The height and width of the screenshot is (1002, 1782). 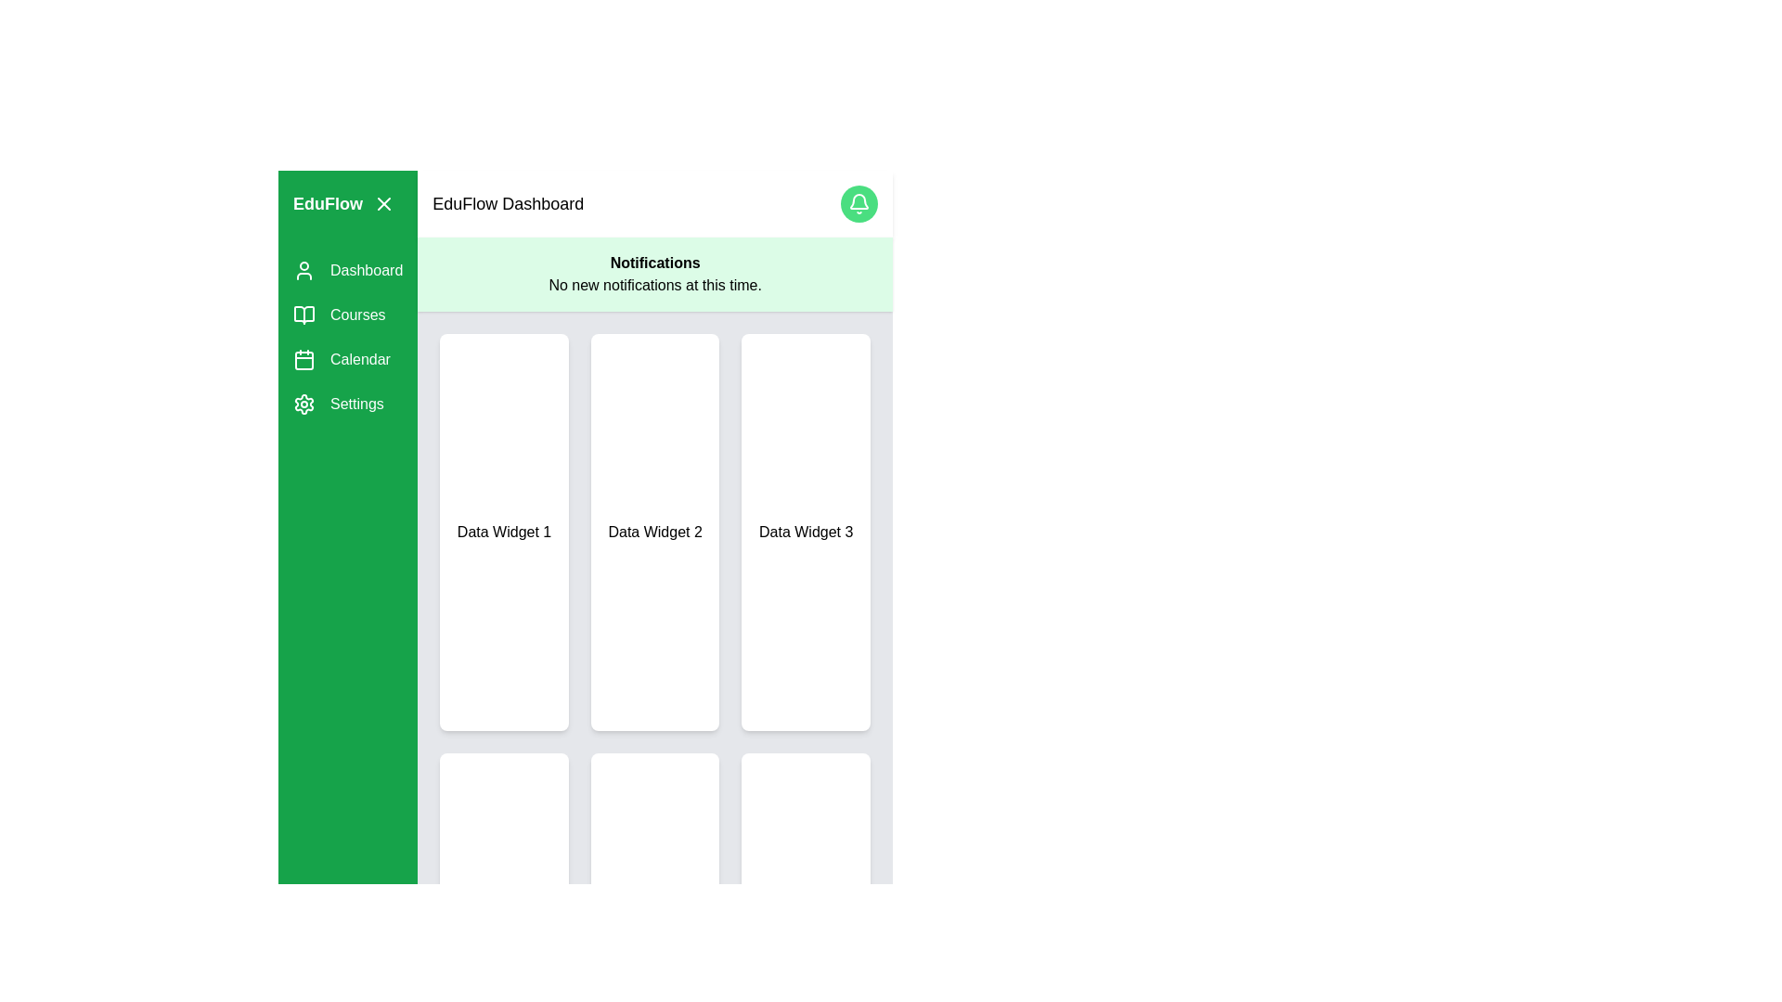 I want to click on the green 'Dashboard' button with a user icon located at the top of the vertical menu, so click(x=348, y=271).